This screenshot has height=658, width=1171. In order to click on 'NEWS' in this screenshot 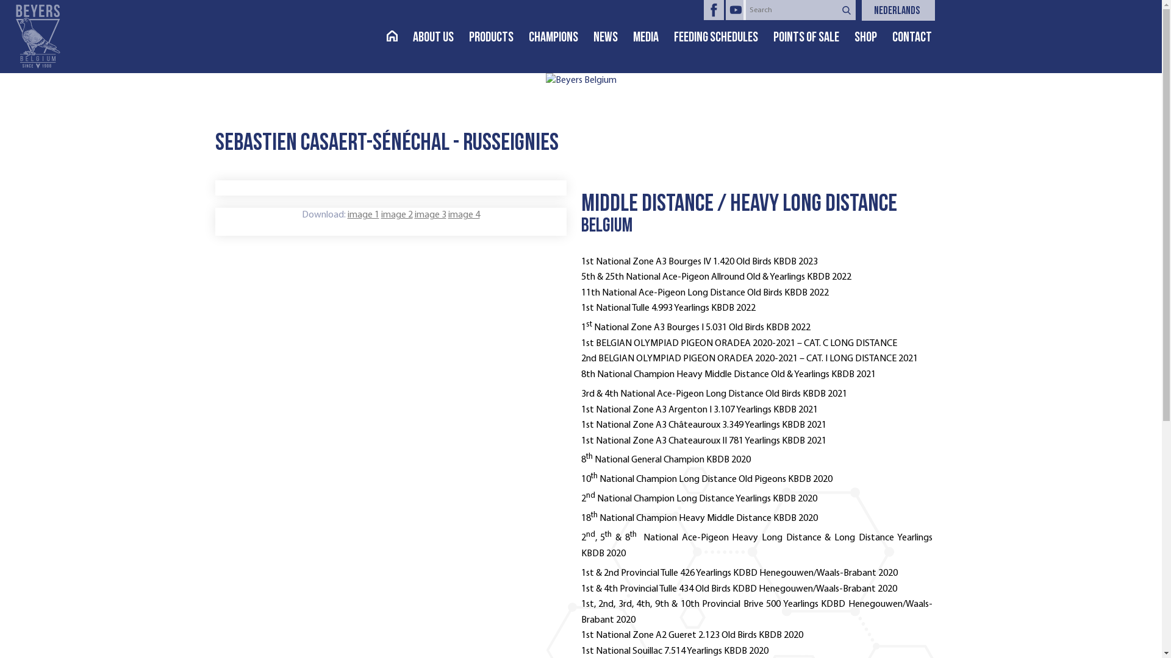, I will do `click(612, 37)`.